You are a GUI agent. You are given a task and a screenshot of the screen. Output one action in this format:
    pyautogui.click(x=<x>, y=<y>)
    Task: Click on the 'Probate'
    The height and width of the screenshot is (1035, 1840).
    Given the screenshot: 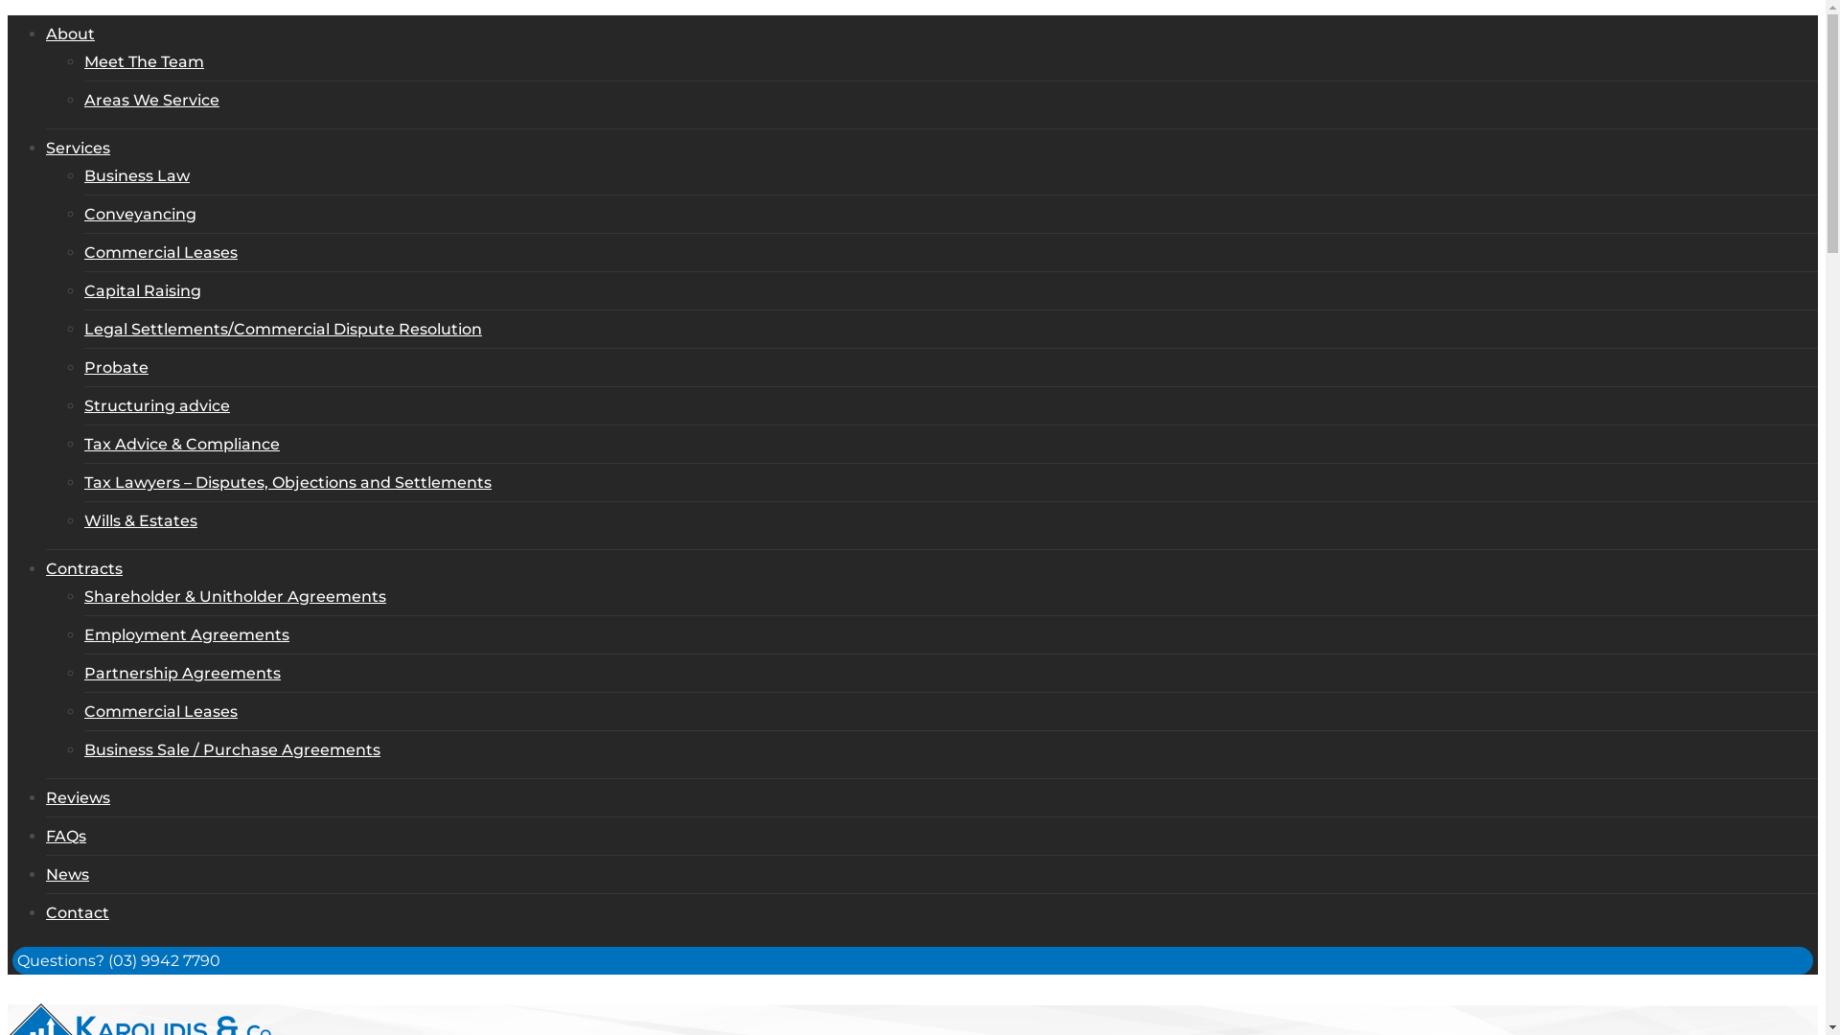 What is the action you would take?
    pyautogui.click(x=115, y=367)
    